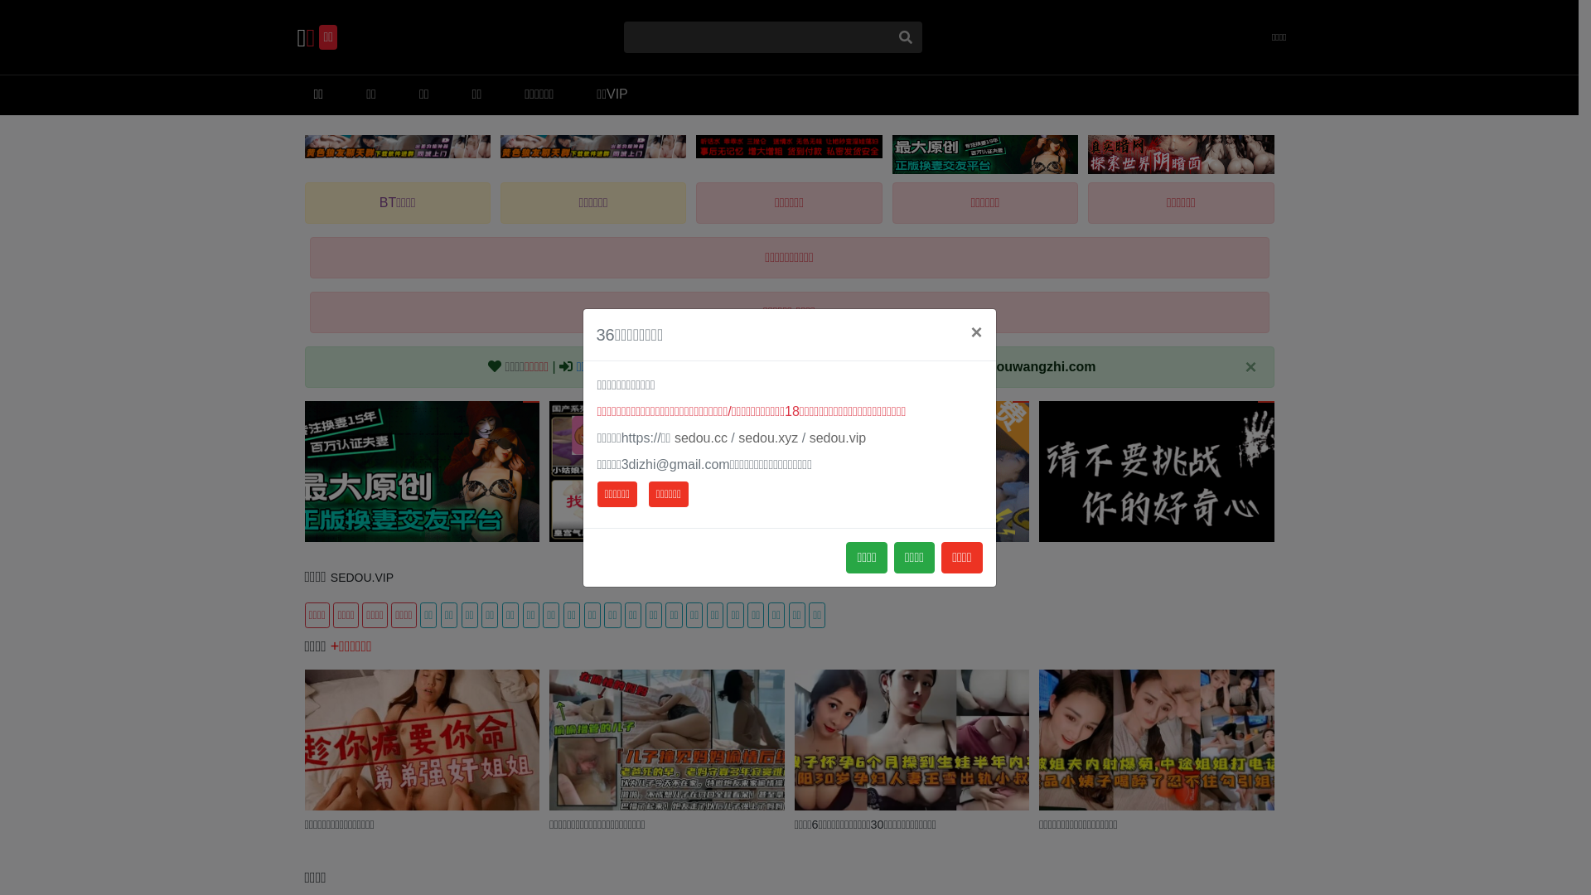  What do you see at coordinates (360, 577) in the screenshot?
I see `'SEDOU.VIP'` at bounding box center [360, 577].